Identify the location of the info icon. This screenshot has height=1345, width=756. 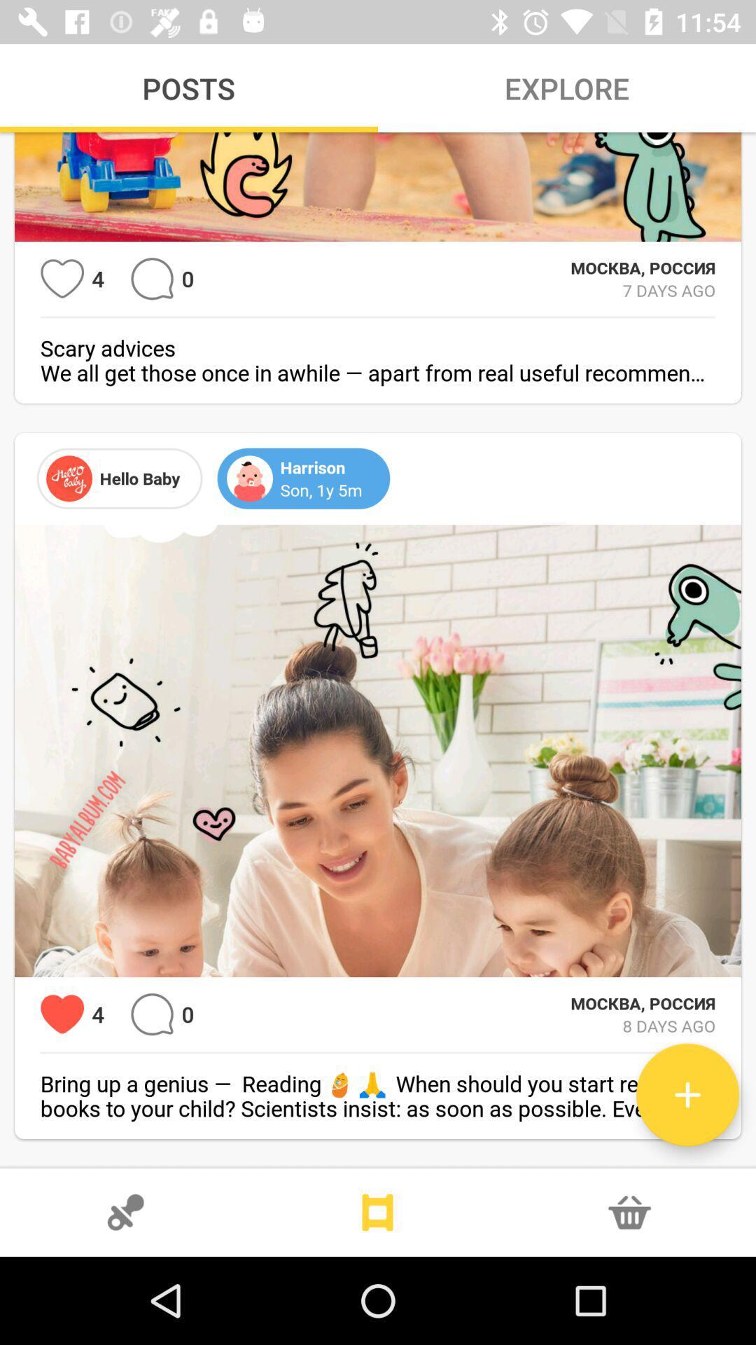
(629, 1212).